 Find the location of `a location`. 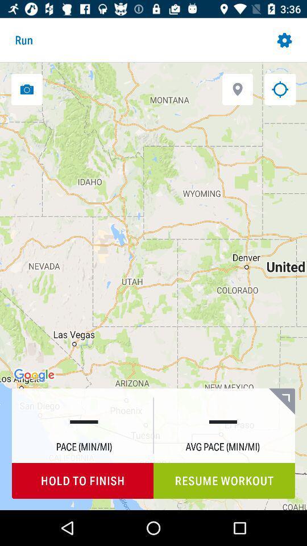

a location is located at coordinates (237, 89).